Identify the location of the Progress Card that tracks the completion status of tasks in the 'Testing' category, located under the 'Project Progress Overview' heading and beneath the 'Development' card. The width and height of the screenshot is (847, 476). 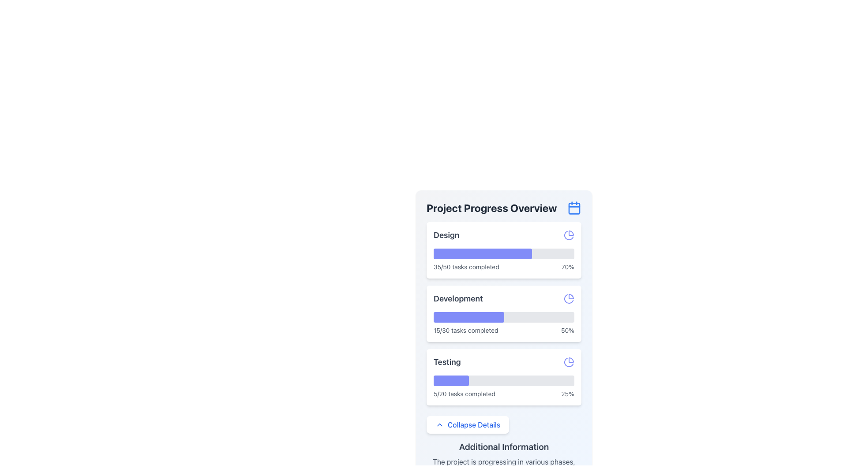
(504, 377).